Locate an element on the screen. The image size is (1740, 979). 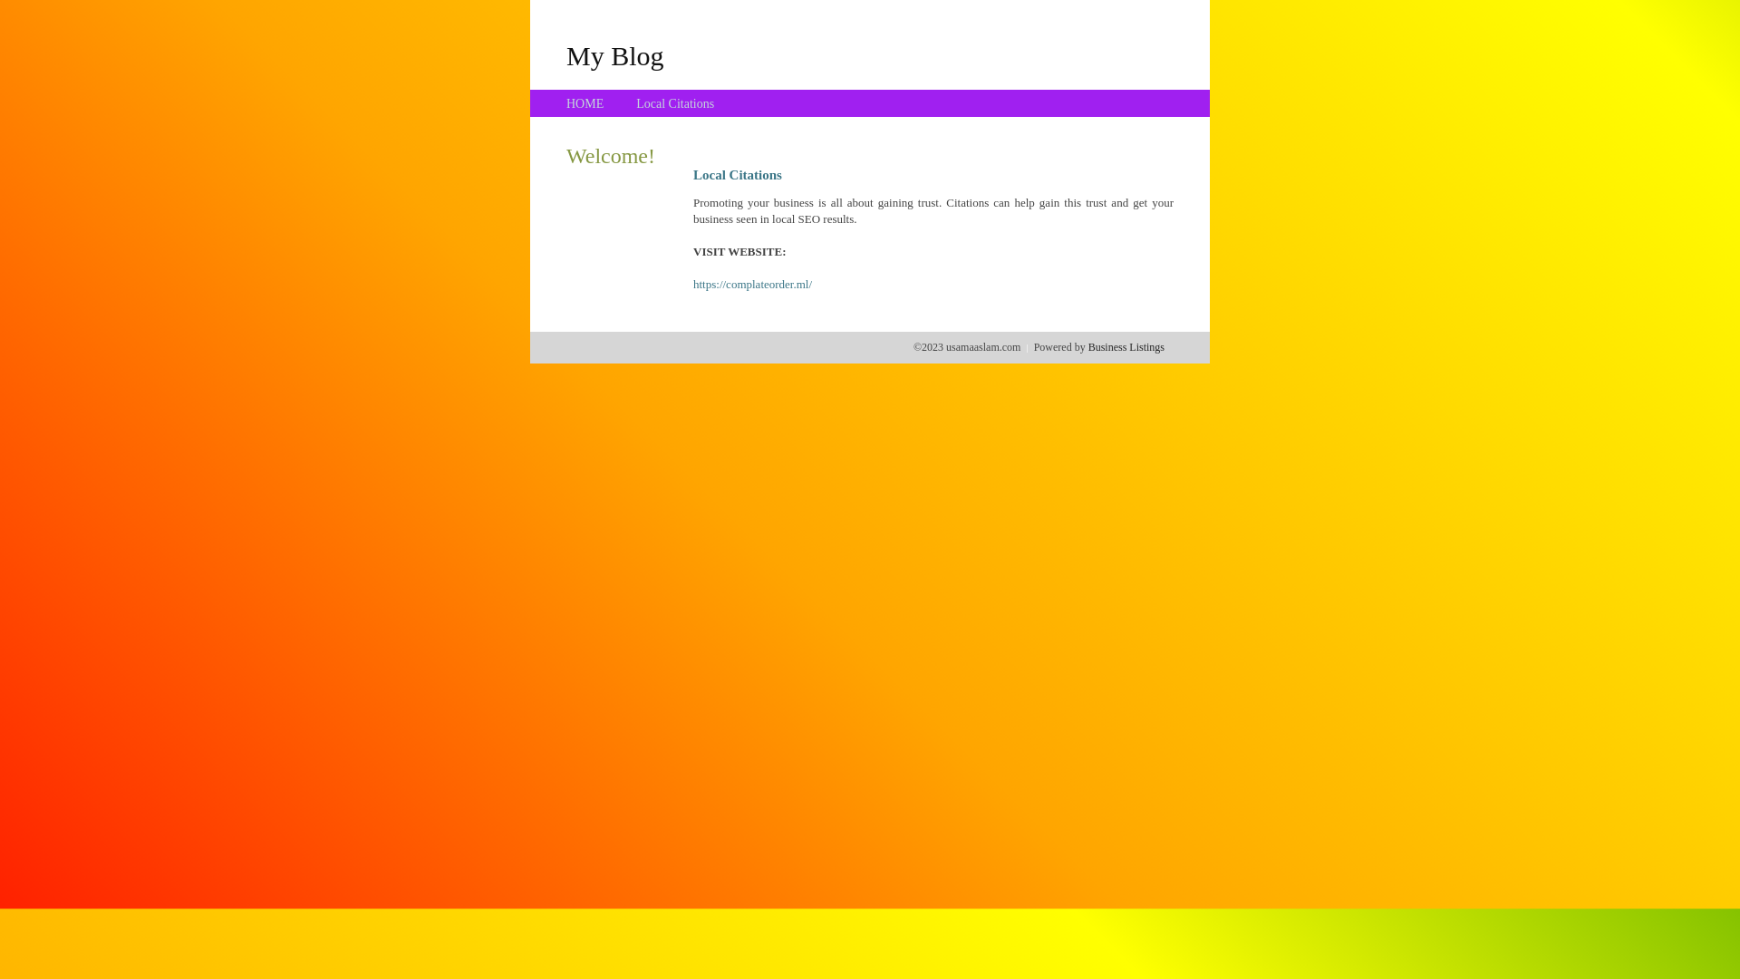
'https://complateorder.ml/' is located at coordinates (752, 284).